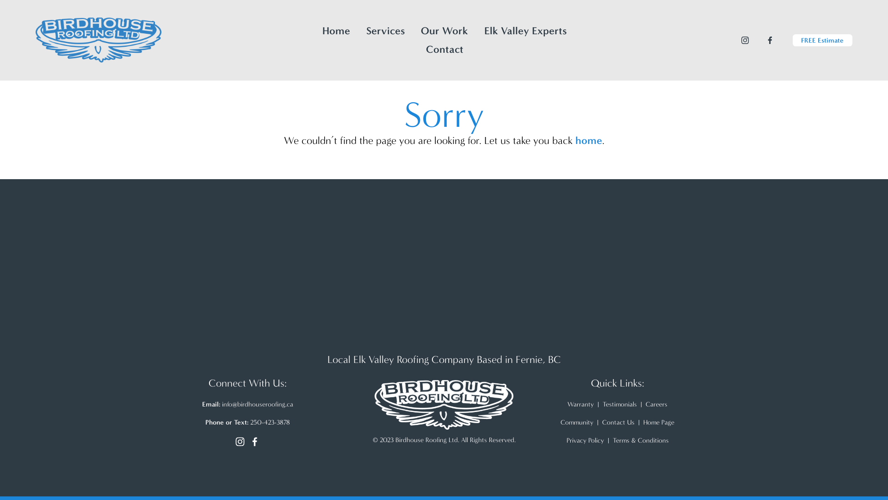  What do you see at coordinates (560, 422) in the screenshot?
I see `'Community'` at bounding box center [560, 422].